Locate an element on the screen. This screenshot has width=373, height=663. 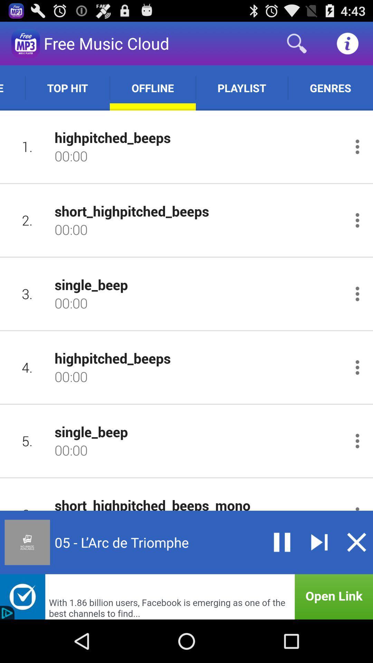
the icon next to highpitched_beeps is located at coordinates (27, 367).